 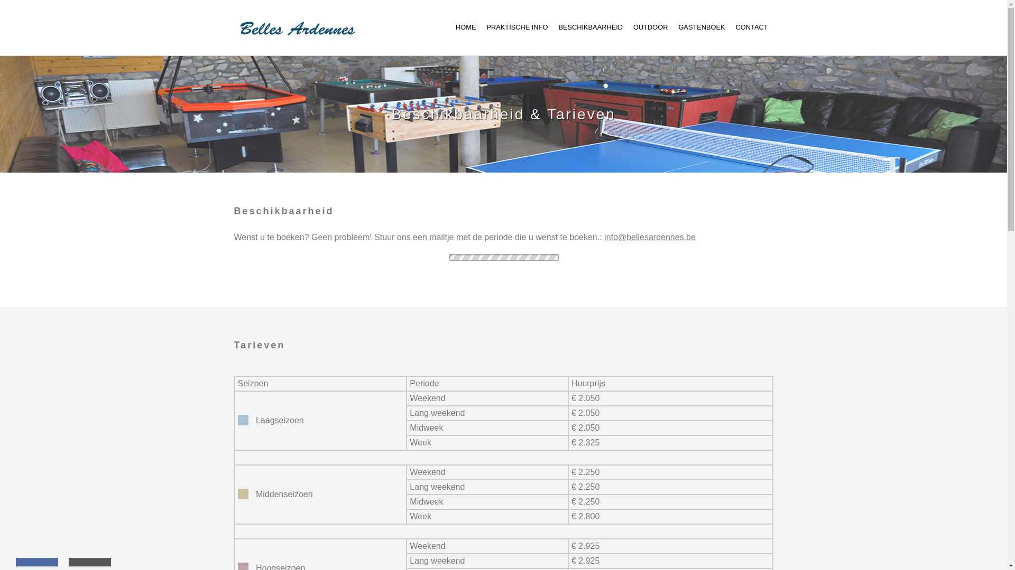 I want to click on 'OUTDOOR', so click(x=650, y=26).